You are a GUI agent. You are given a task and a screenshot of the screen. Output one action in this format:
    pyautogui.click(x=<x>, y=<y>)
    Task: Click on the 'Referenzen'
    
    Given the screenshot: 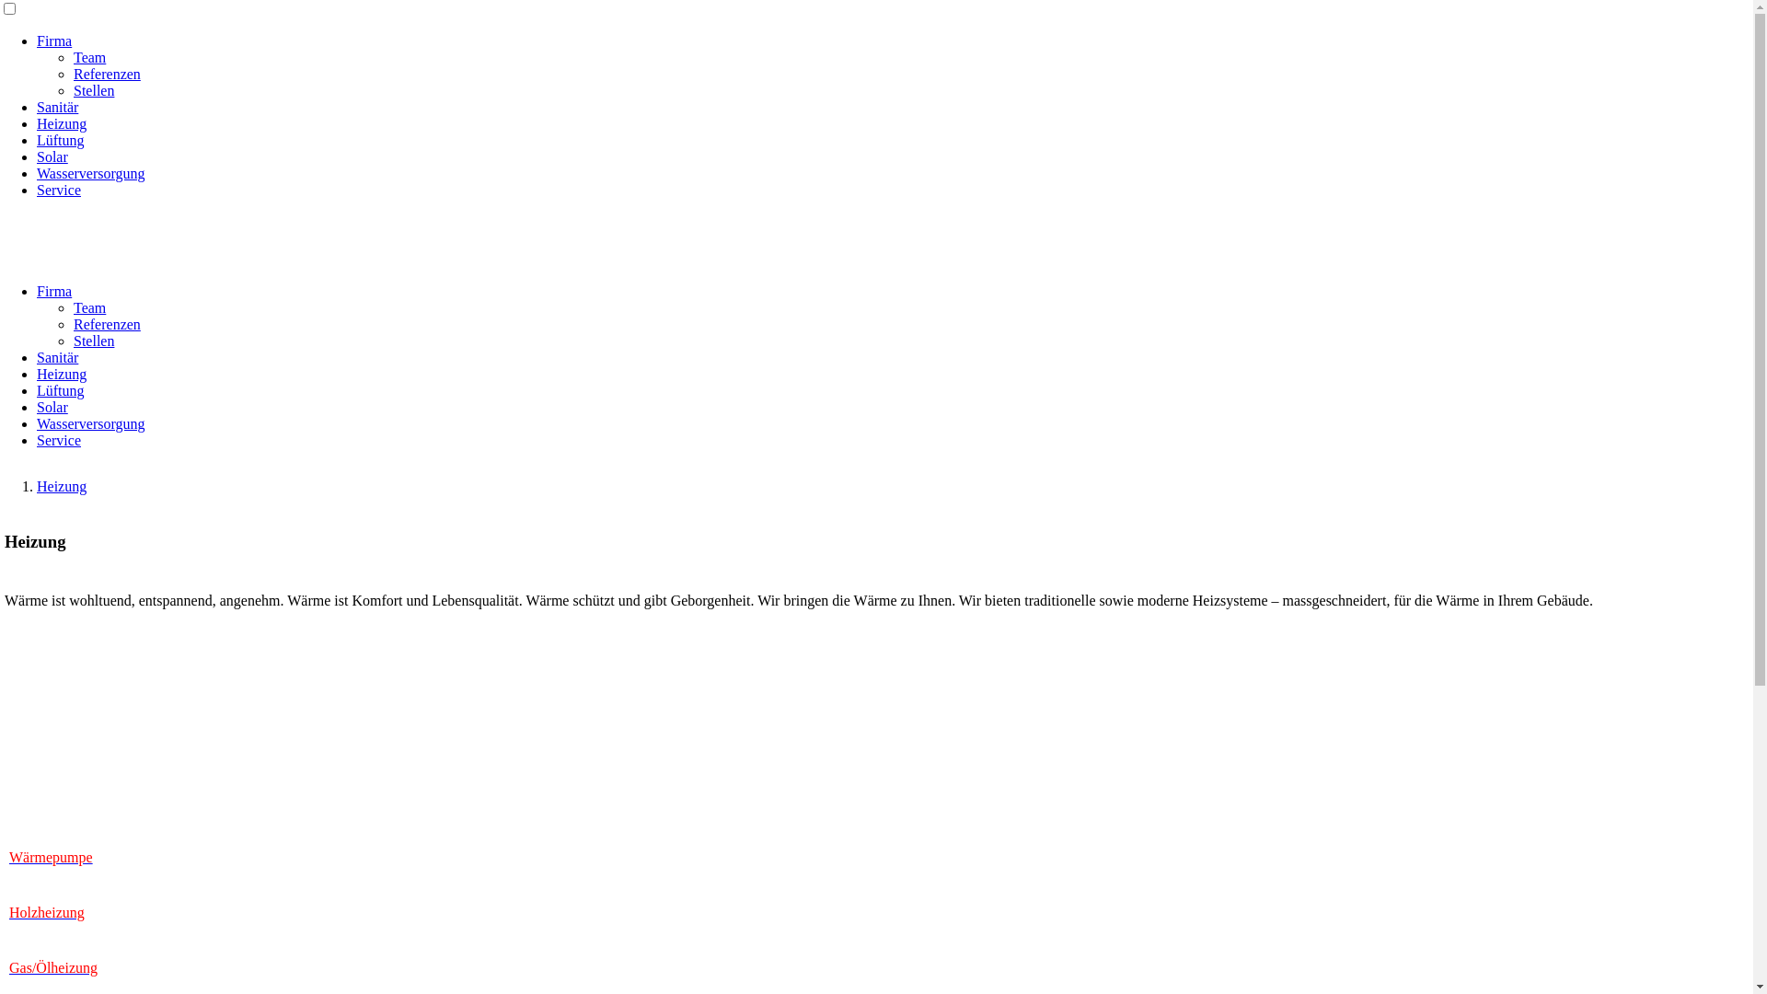 What is the action you would take?
    pyautogui.click(x=106, y=323)
    